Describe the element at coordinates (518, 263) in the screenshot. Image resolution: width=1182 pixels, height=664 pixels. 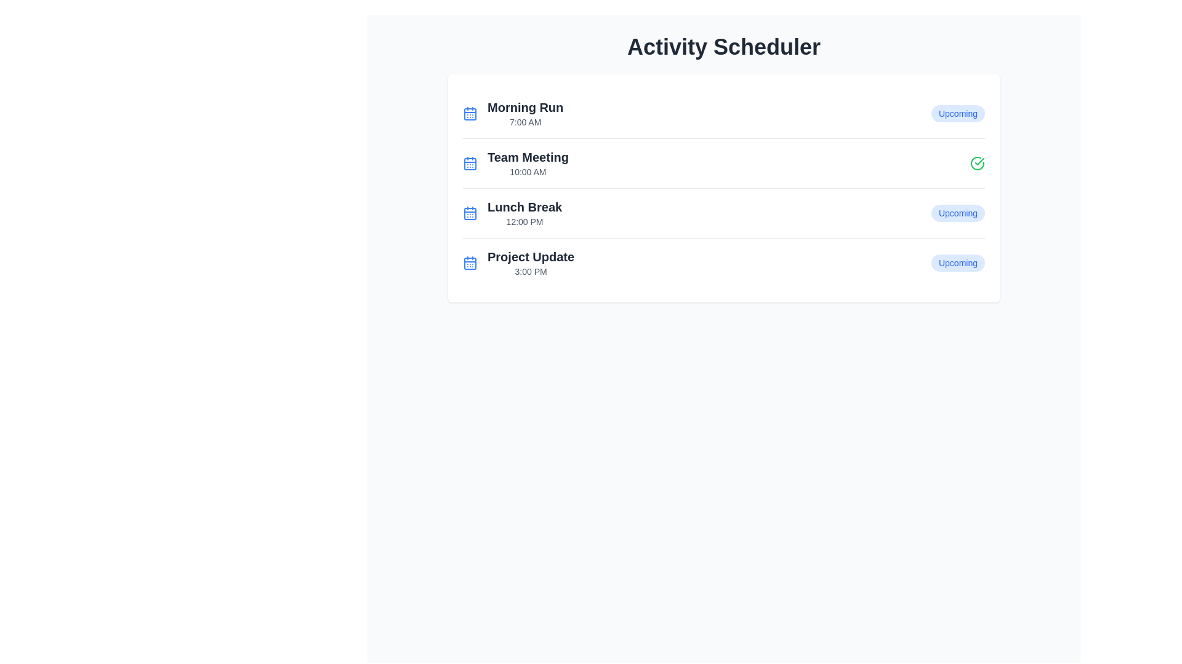
I see `the List item entry titled 'Project Update'` at that location.